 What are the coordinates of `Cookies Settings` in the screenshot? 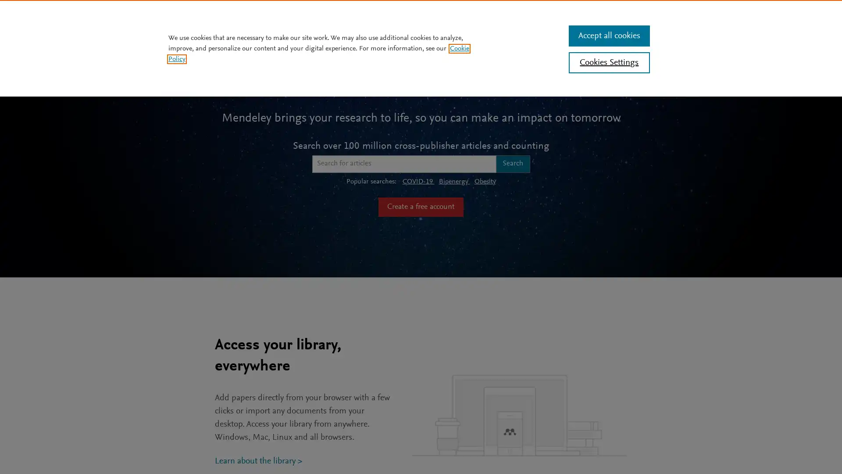 It's located at (608, 62).